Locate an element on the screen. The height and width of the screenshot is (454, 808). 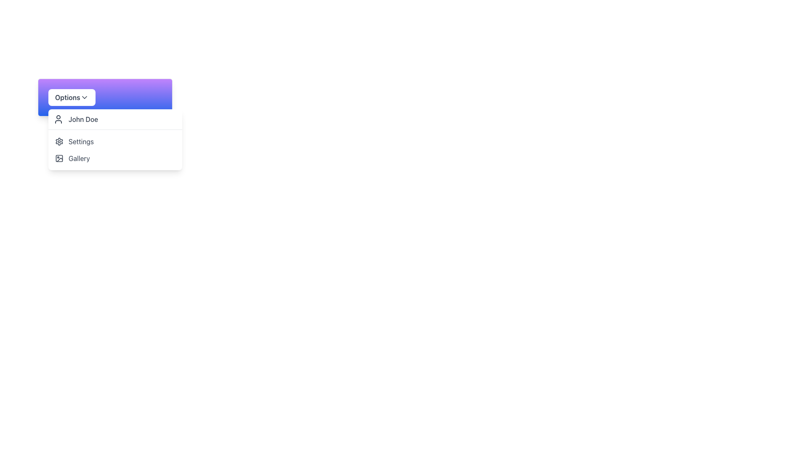
the uppermost square-shaped element with rounded corners within the icon structure next to the 'Gallery' menu option is located at coordinates (58, 158).